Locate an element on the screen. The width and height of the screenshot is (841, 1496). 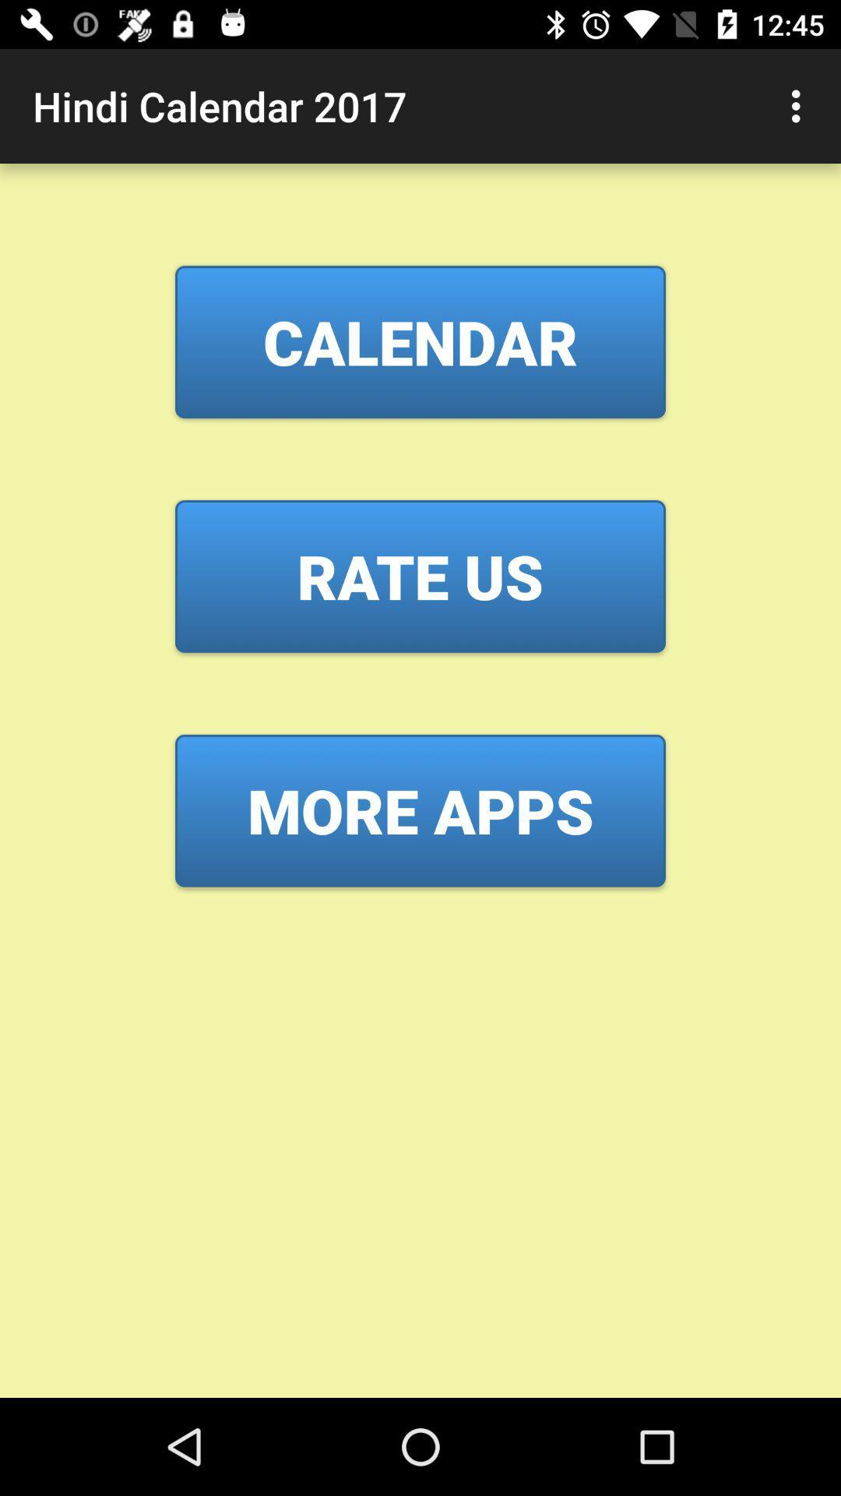
item at the top right corner is located at coordinates (800, 105).